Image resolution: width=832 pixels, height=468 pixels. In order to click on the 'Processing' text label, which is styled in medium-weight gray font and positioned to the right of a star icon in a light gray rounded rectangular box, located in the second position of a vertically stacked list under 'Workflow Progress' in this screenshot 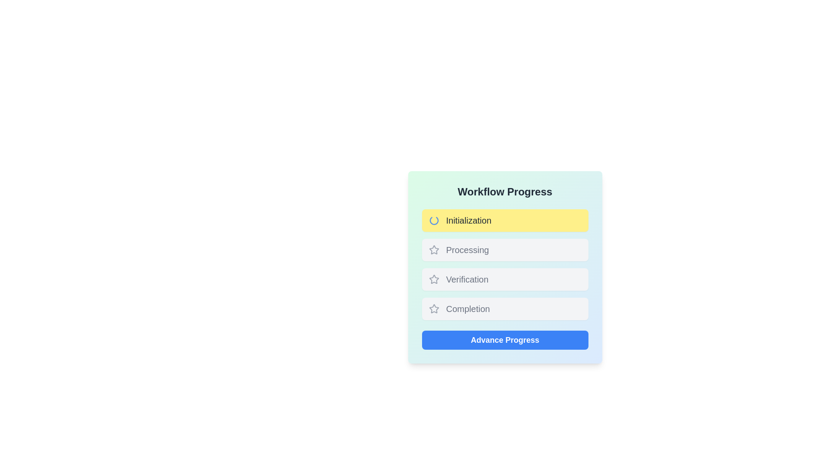, I will do `click(467, 250)`.